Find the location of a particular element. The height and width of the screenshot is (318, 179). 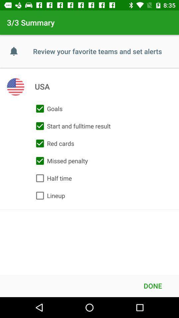

item below the start and fulltime item is located at coordinates (53, 143).